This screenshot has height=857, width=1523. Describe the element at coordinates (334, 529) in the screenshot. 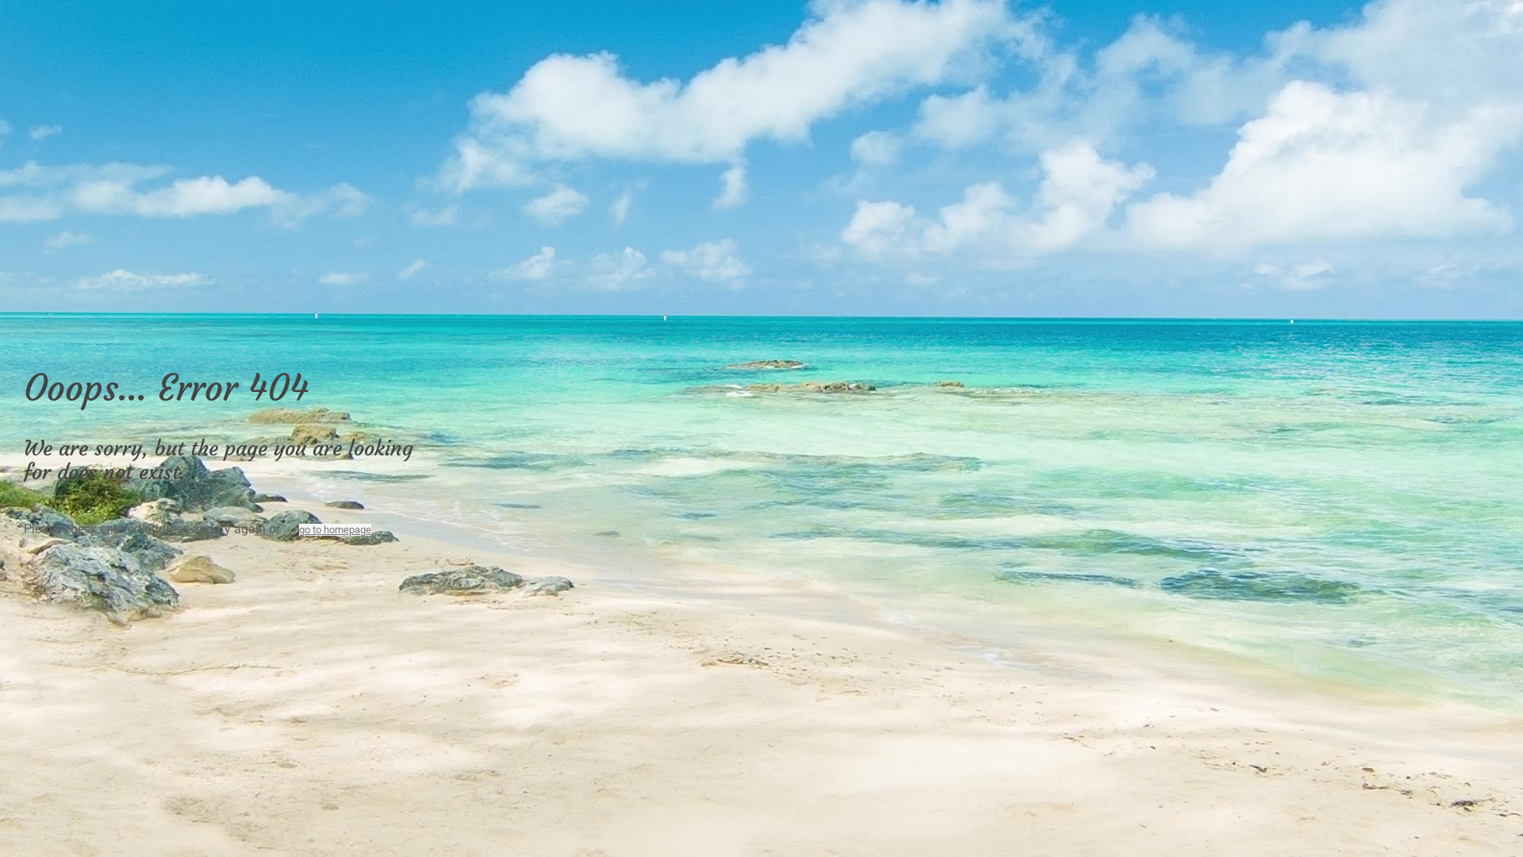

I see `'go to homepage'` at that location.